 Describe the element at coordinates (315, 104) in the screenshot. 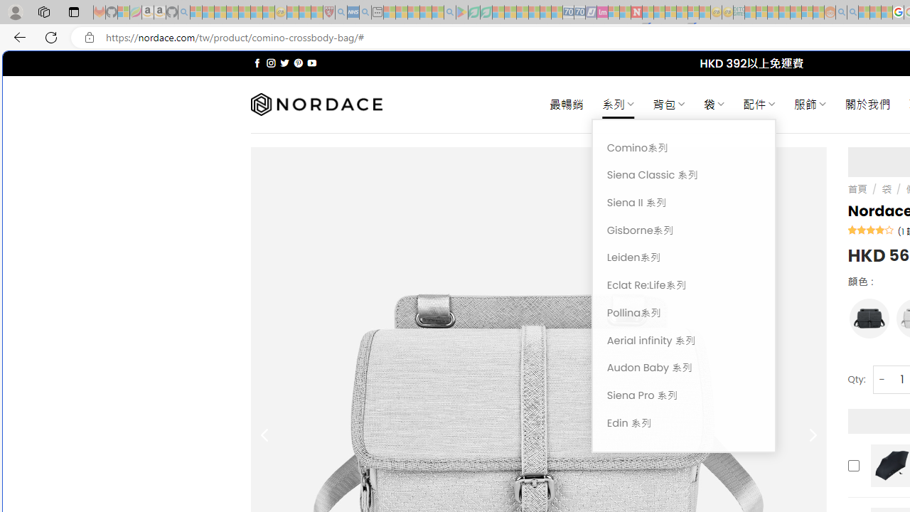

I see `'Nordace'` at that location.